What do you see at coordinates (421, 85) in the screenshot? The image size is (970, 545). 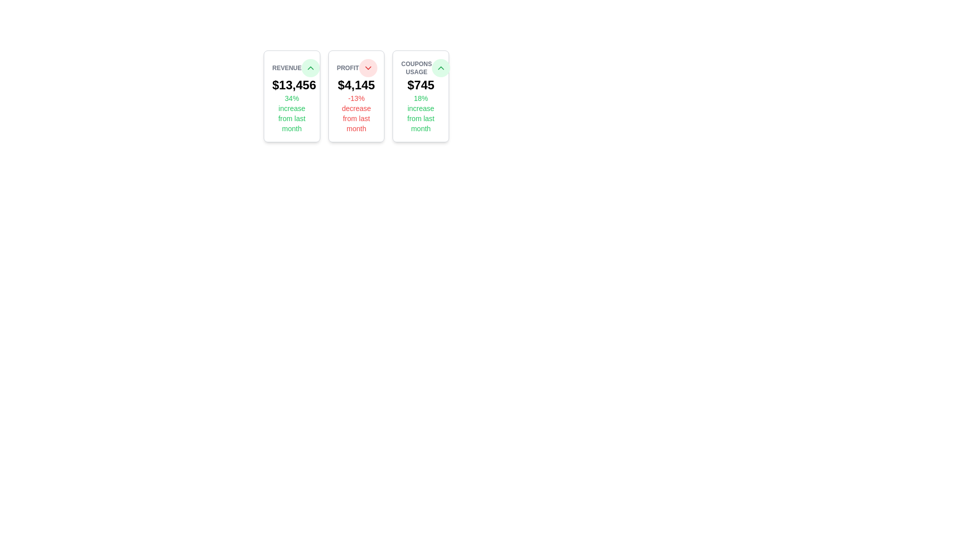 I see `the text label displaying the amount '$745' which is centrally aligned within the third card titled 'Coupons usage'` at bounding box center [421, 85].